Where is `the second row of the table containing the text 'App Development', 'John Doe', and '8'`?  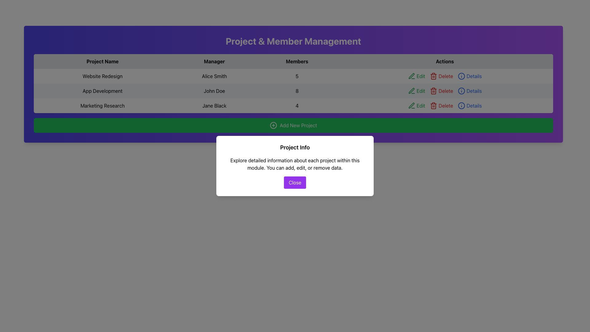 the second row of the table containing the text 'App Development', 'John Doe', and '8' is located at coordinates (293, 91).